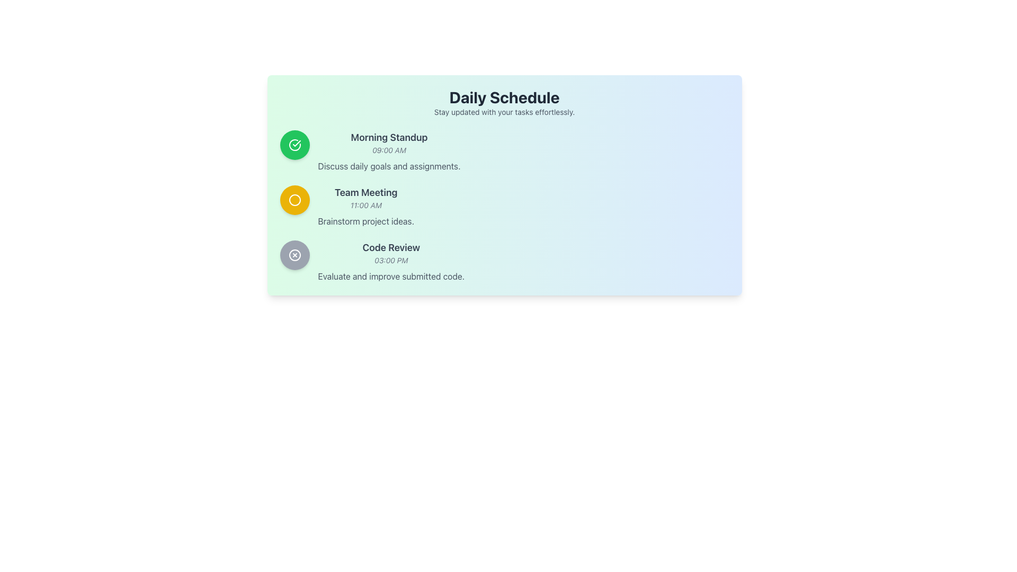 Image resolution: width=1017 pixels, height=572 pixels. I want to click on the second circular icon with a yellow background that represents 'Team Meeting' in the vertical list of icons, so click(295, 200).